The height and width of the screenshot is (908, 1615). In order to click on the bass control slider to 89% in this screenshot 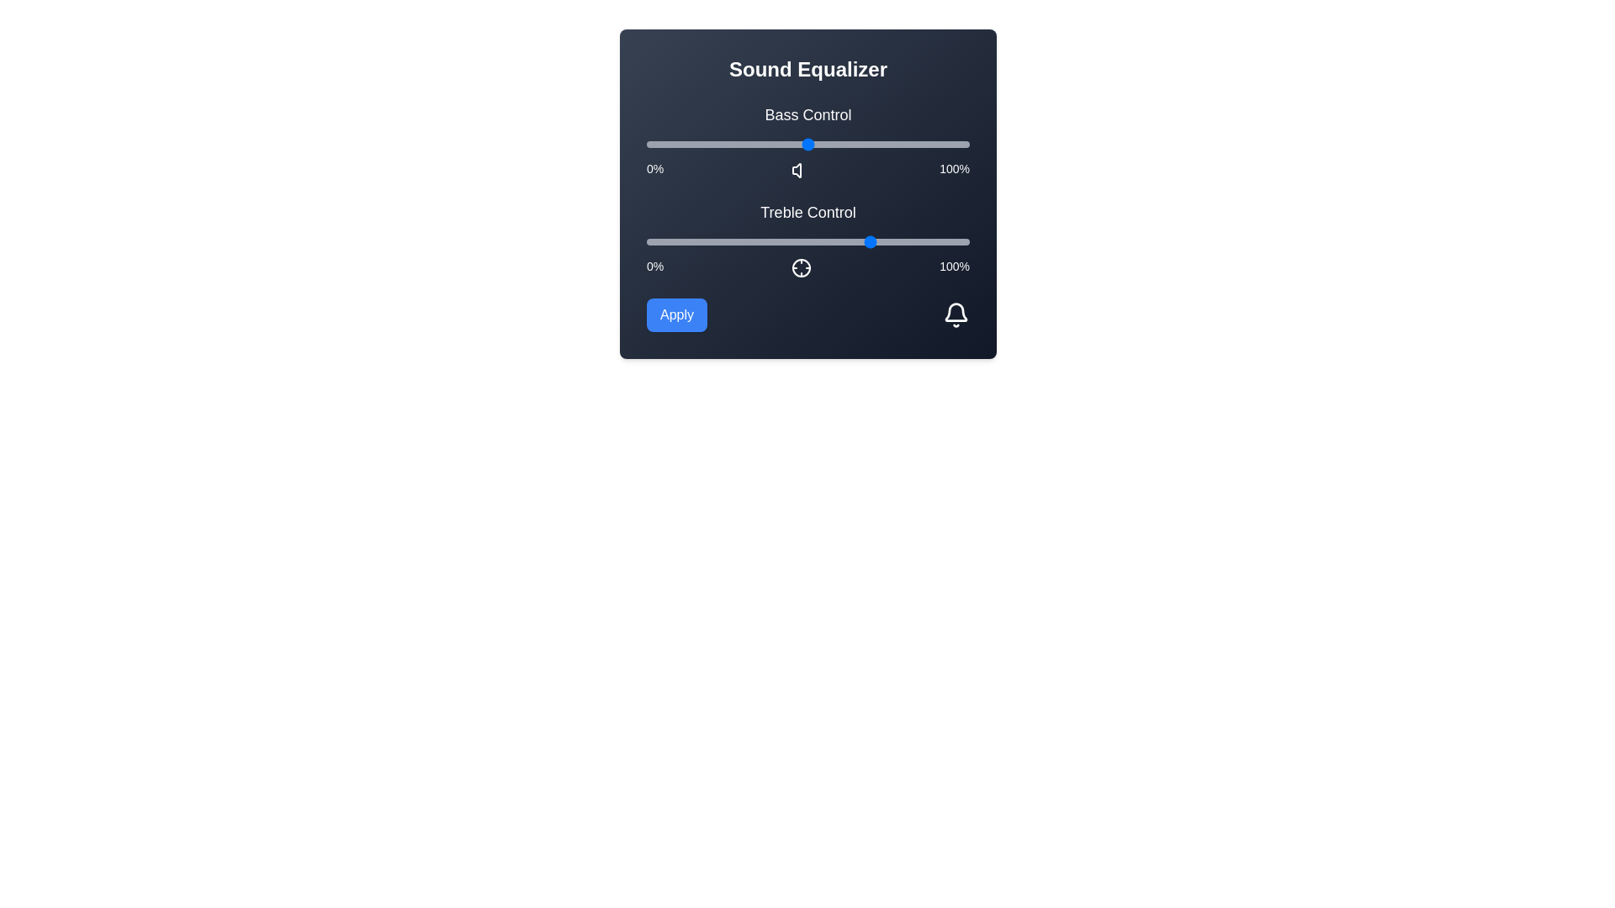, I will do `click(933, 144)`.